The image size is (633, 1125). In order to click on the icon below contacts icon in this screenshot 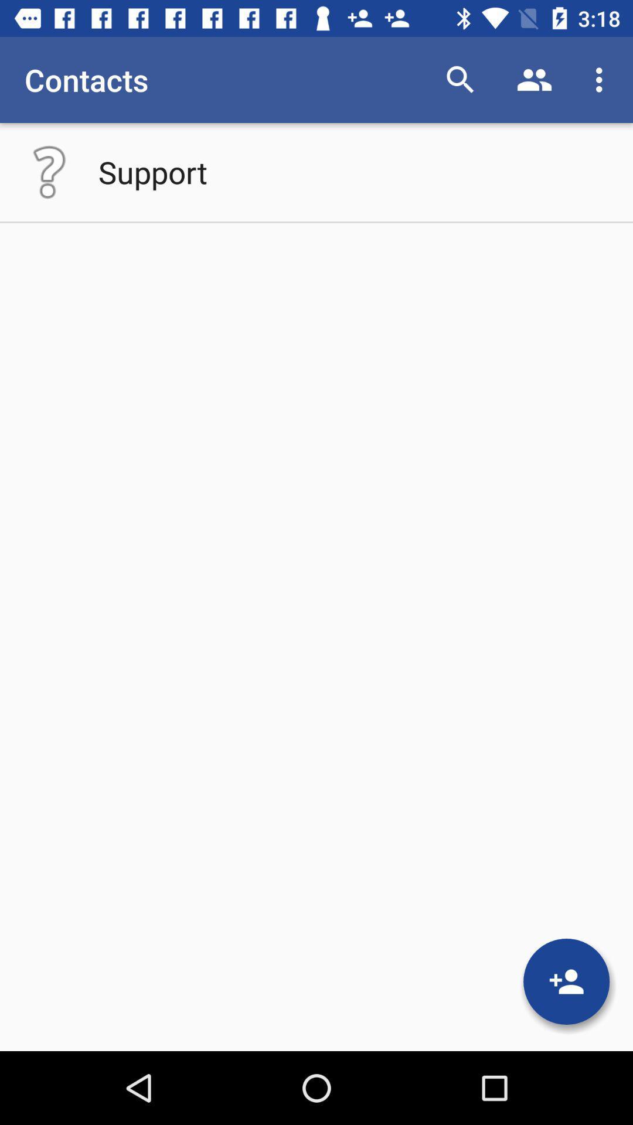, I will do `click(49, 171)`.